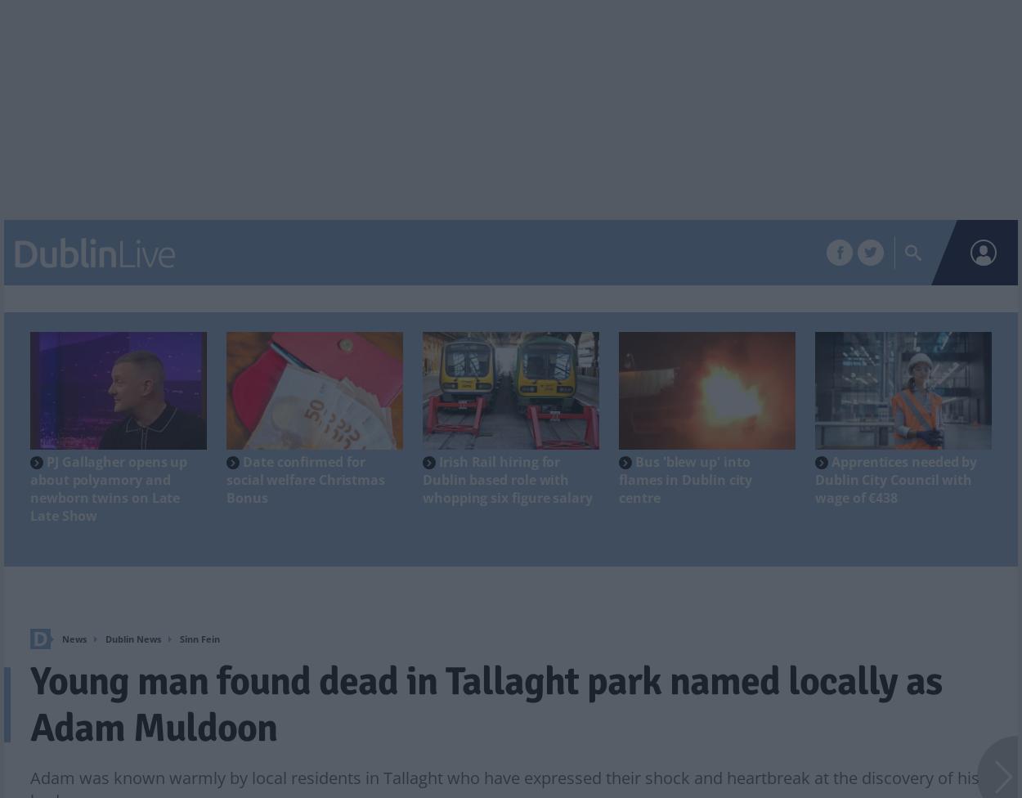  What do you see at coordinates (671, 253) in the screenshot?
I see `'Dublin Lives'` at bounding box center [671, 253].